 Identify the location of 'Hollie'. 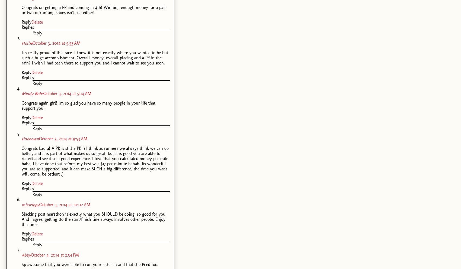
(27, 43).